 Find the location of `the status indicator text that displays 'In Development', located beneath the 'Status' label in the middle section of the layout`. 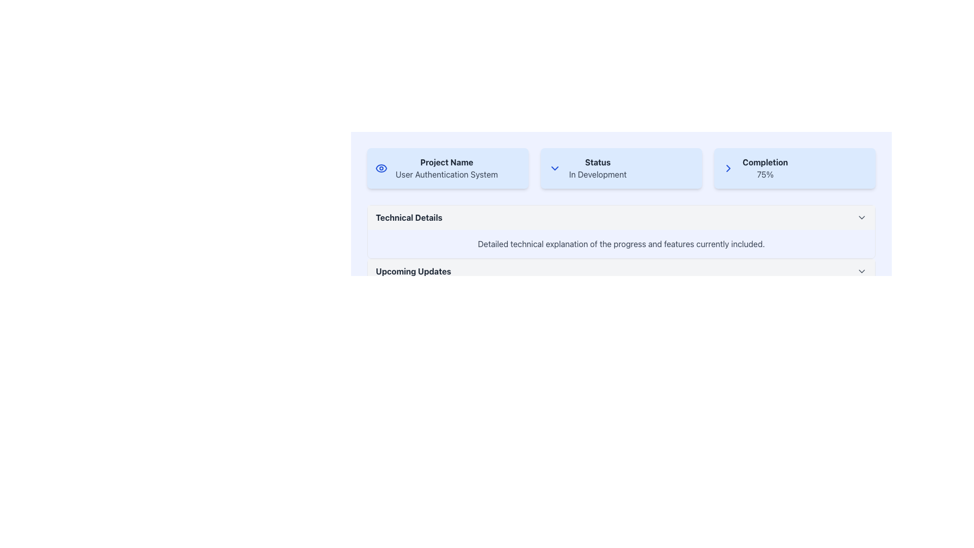

the status indicator text that displays 'In Development', located beneath the 'Status' label in the middle section of the layout is located at coordinates (598, 174).